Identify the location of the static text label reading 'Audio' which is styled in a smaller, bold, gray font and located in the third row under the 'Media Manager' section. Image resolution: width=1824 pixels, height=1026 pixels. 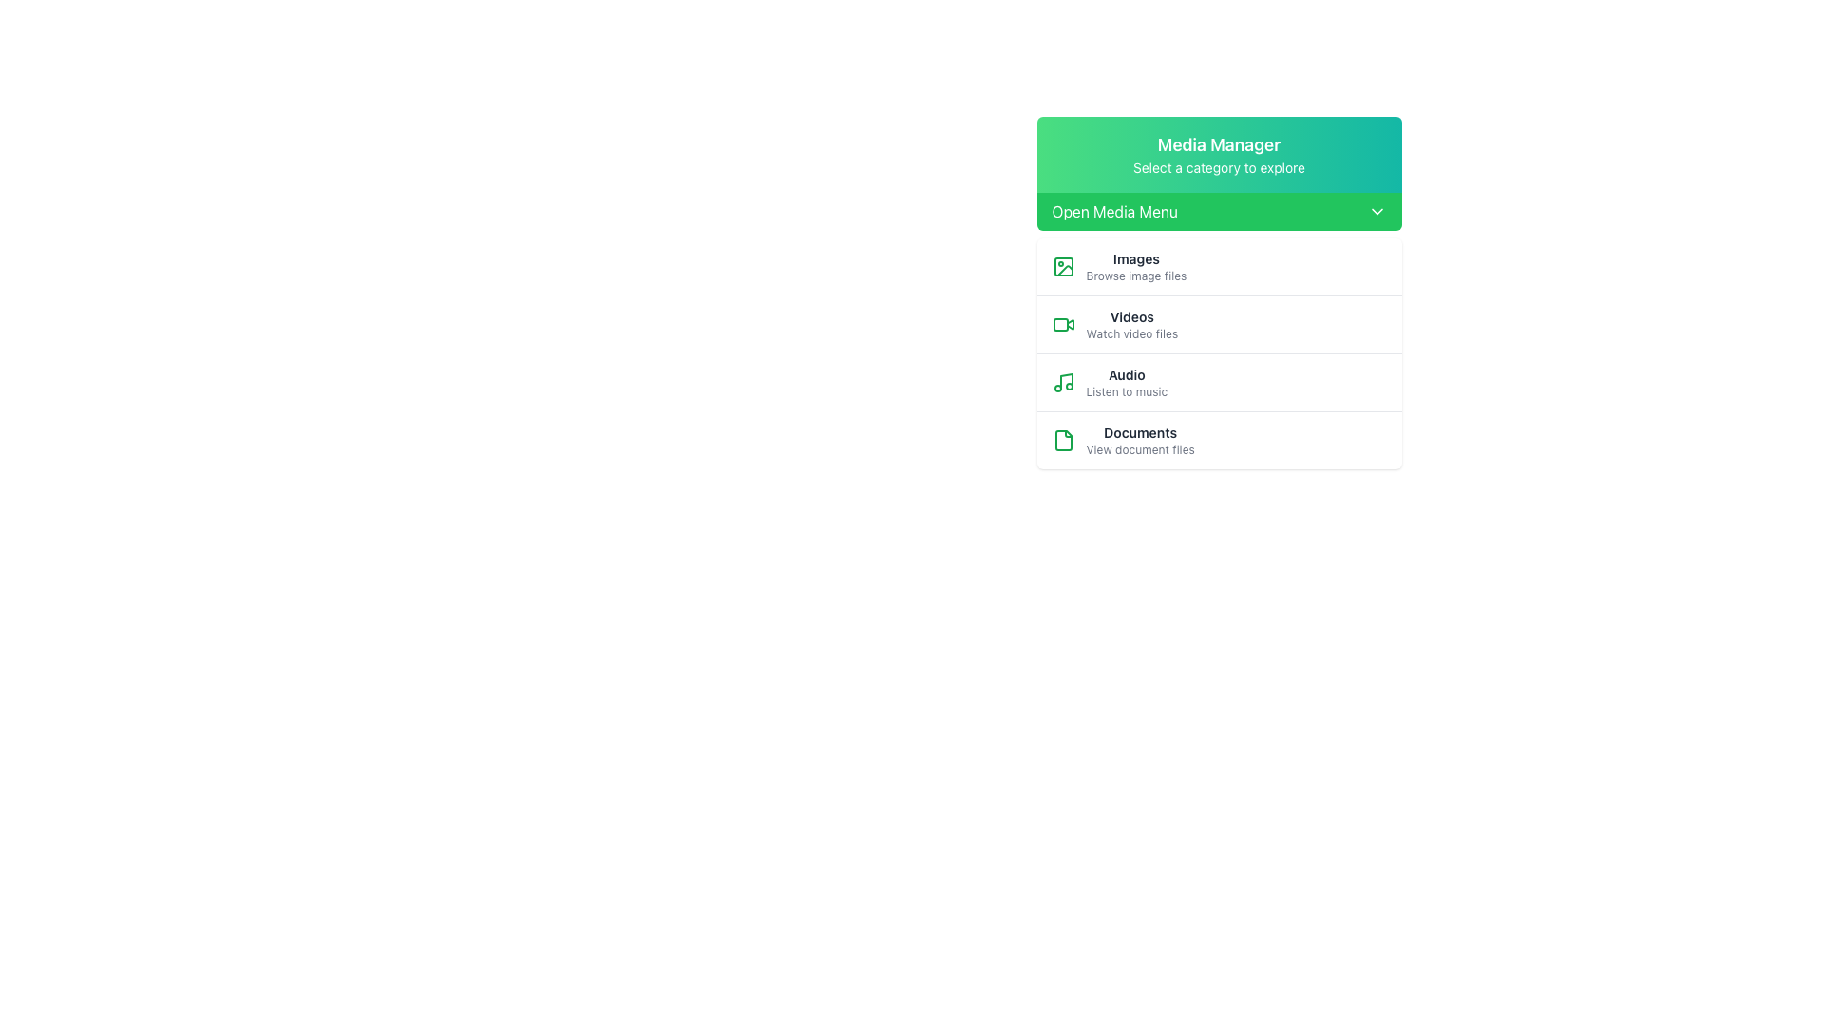
(1127, 374).